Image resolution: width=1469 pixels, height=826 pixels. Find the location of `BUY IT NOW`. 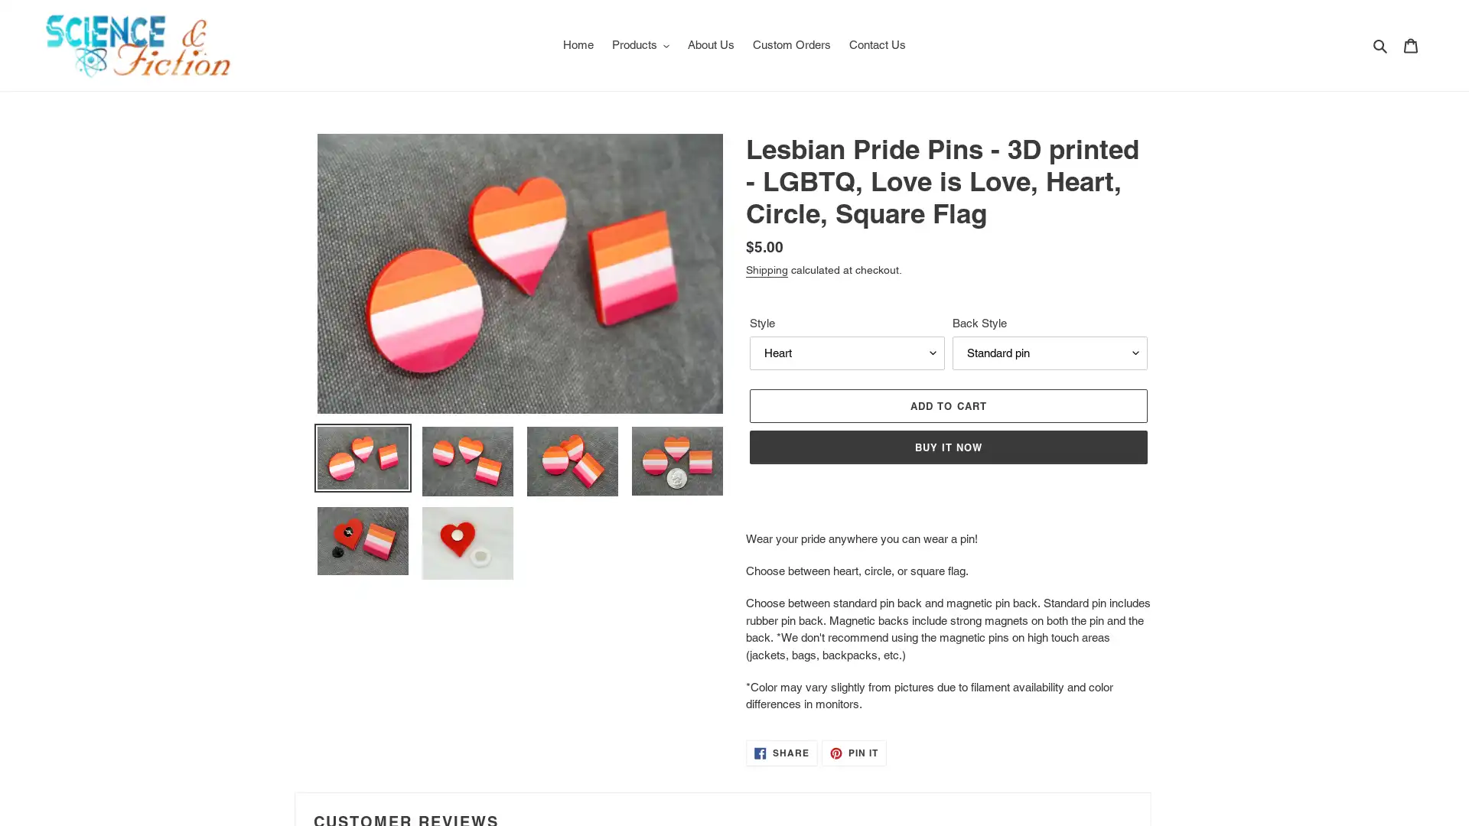

BUY IT NOW is located at coordinates (947, 446).